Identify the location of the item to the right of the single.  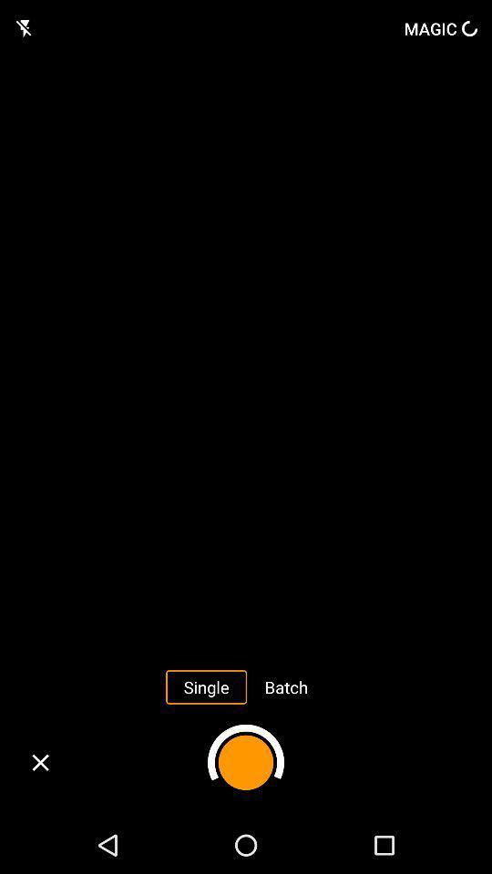
(286, 686).